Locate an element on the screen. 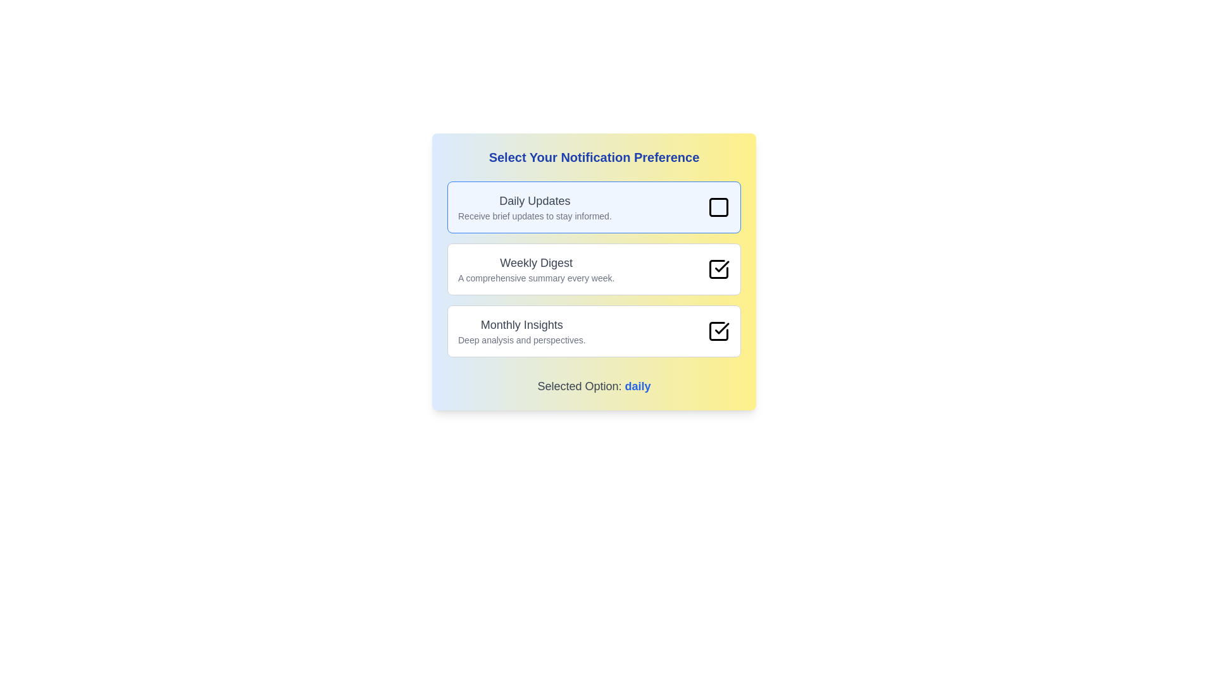 The height and width of the screenshot is (683, 1215). the square with rounded corners that serves as a selection indicator for the 'Daily Updates' option in the notification preferences is located at coordinates (719, 206).